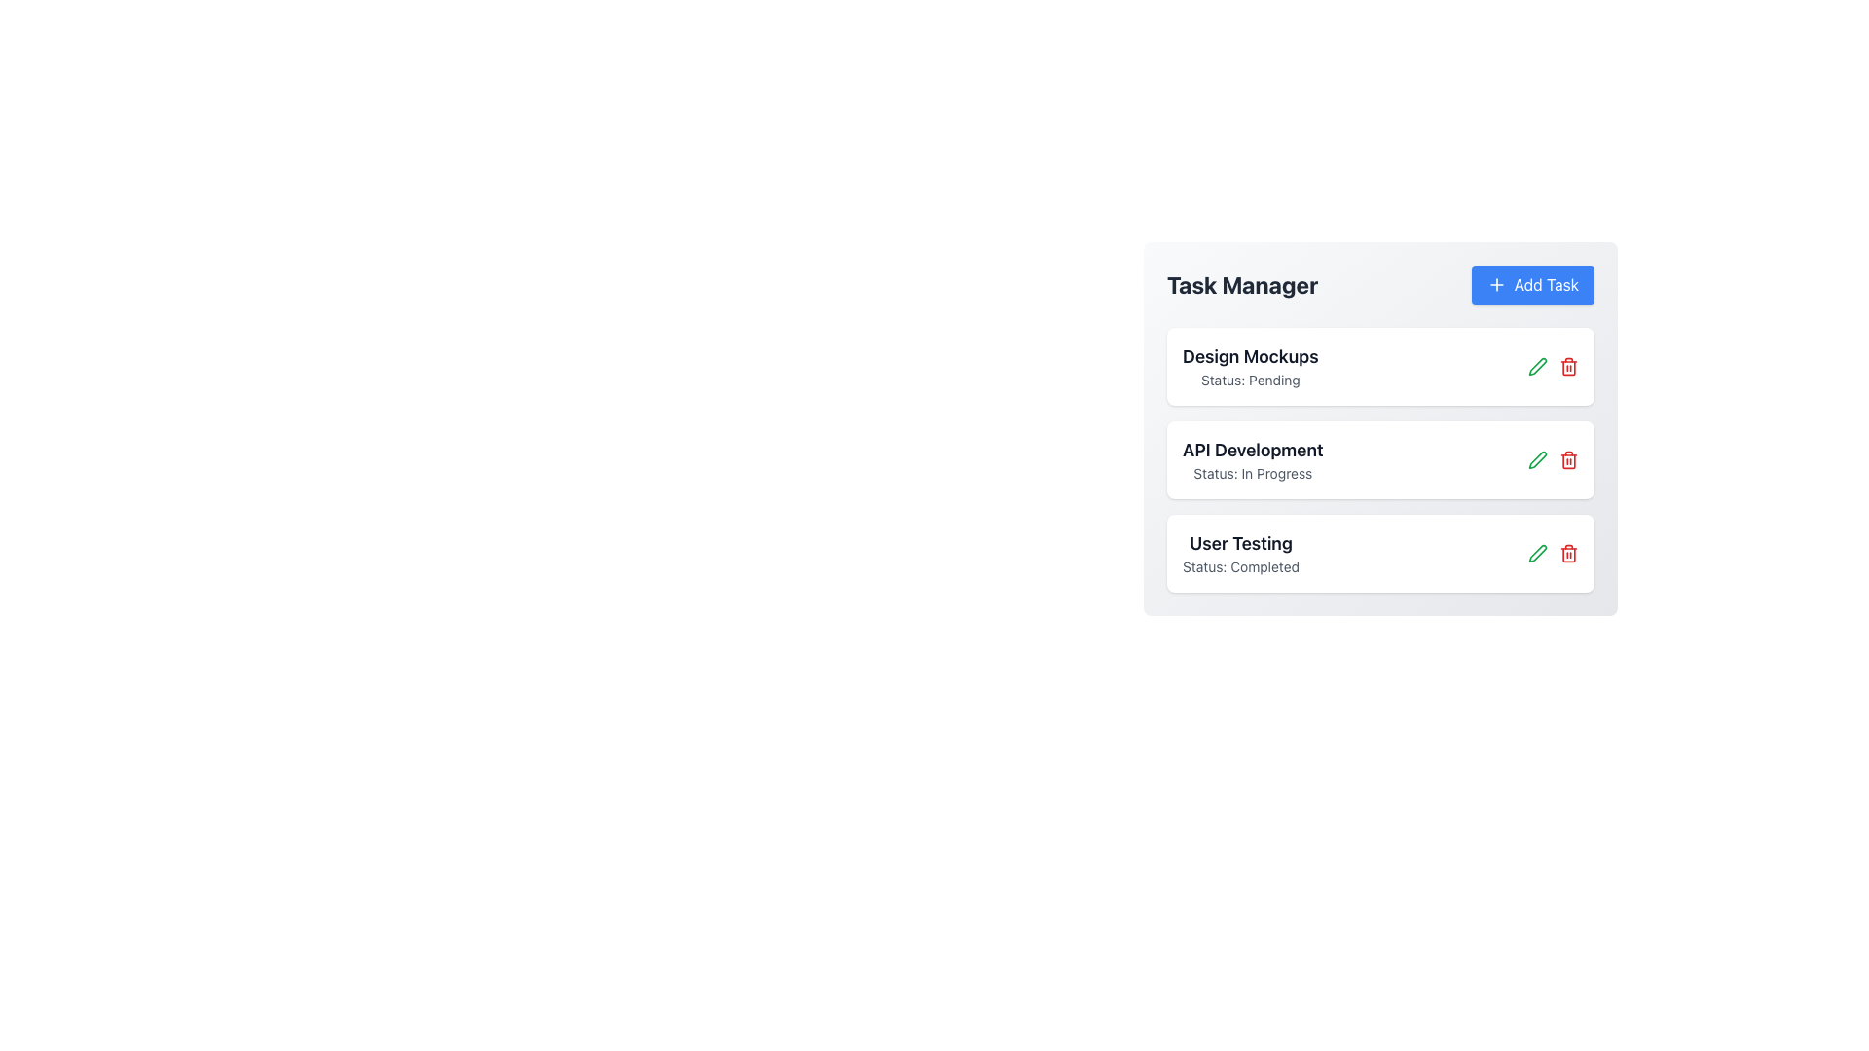 The image size is (1869, 1051). Describe the element at coordinates (1250, 367) in the screenshot. I see `text from the 'Design Mockups' element located in the first task item of the 'Task Manager' section, which displays 'Design Mockups' in bold and 'Status: Pending' below it` at that location.